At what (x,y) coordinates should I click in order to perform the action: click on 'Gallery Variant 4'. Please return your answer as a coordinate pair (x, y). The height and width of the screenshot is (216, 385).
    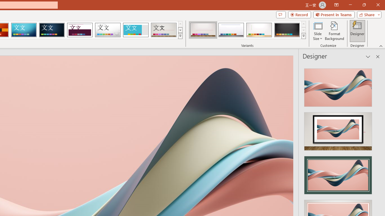
    Looking at the image, I should click on (287, 30).